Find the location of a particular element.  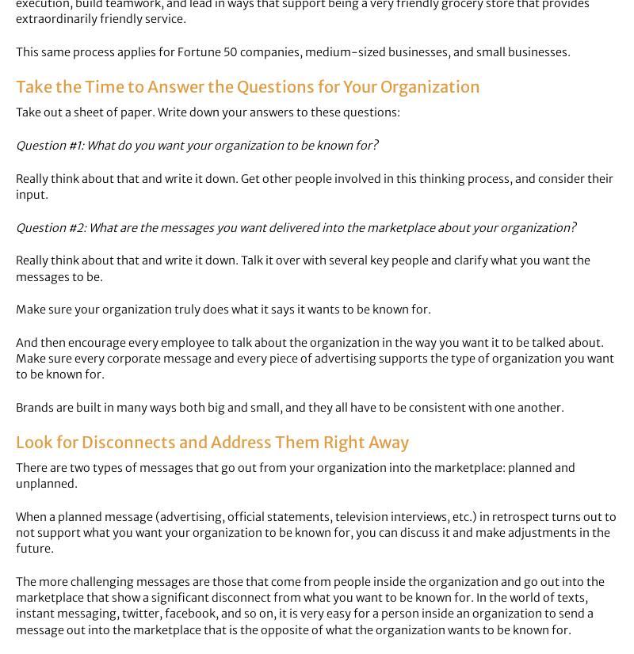

'Look for Disconnects and Address Them Right Away' is located at coordinates (16, 441).